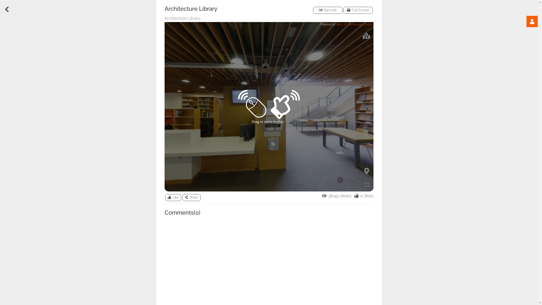  What do you see at coordinates (13, 41) in the screenshot?
I see `'FOOD'` at bounding box center [13, 41].